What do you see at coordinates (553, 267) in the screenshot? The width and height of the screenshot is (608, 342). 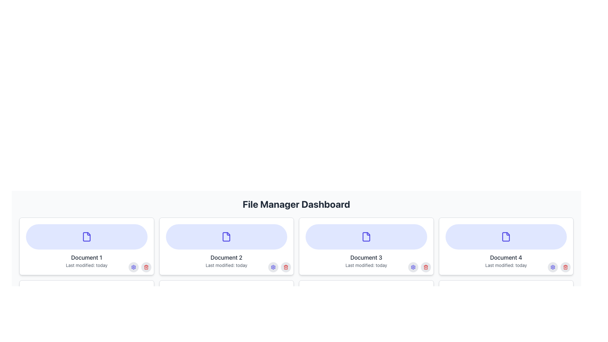 I see `the circular gray button with a blue gear icon located at the bottom-right corner of 'Document 4', which is the first button in a pair` at bounding box center [553, 267].